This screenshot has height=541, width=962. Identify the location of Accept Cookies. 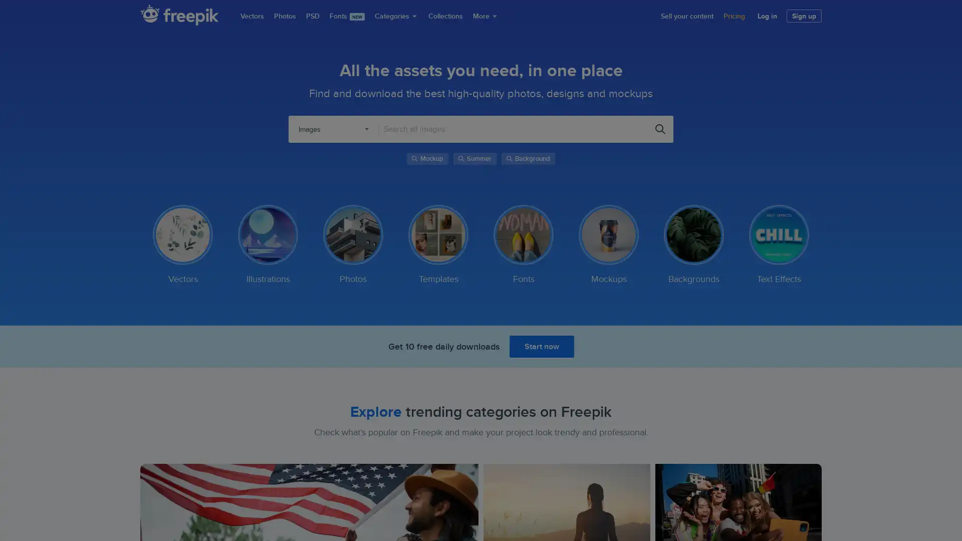
(793, 519).